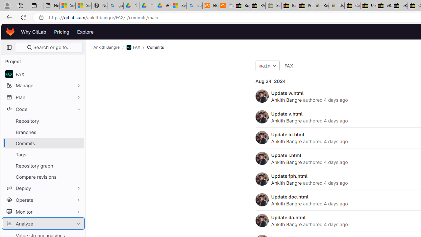 The width and height of the screenshot is (421, 237). I want to click on 'Deploy', so click(43, 188).